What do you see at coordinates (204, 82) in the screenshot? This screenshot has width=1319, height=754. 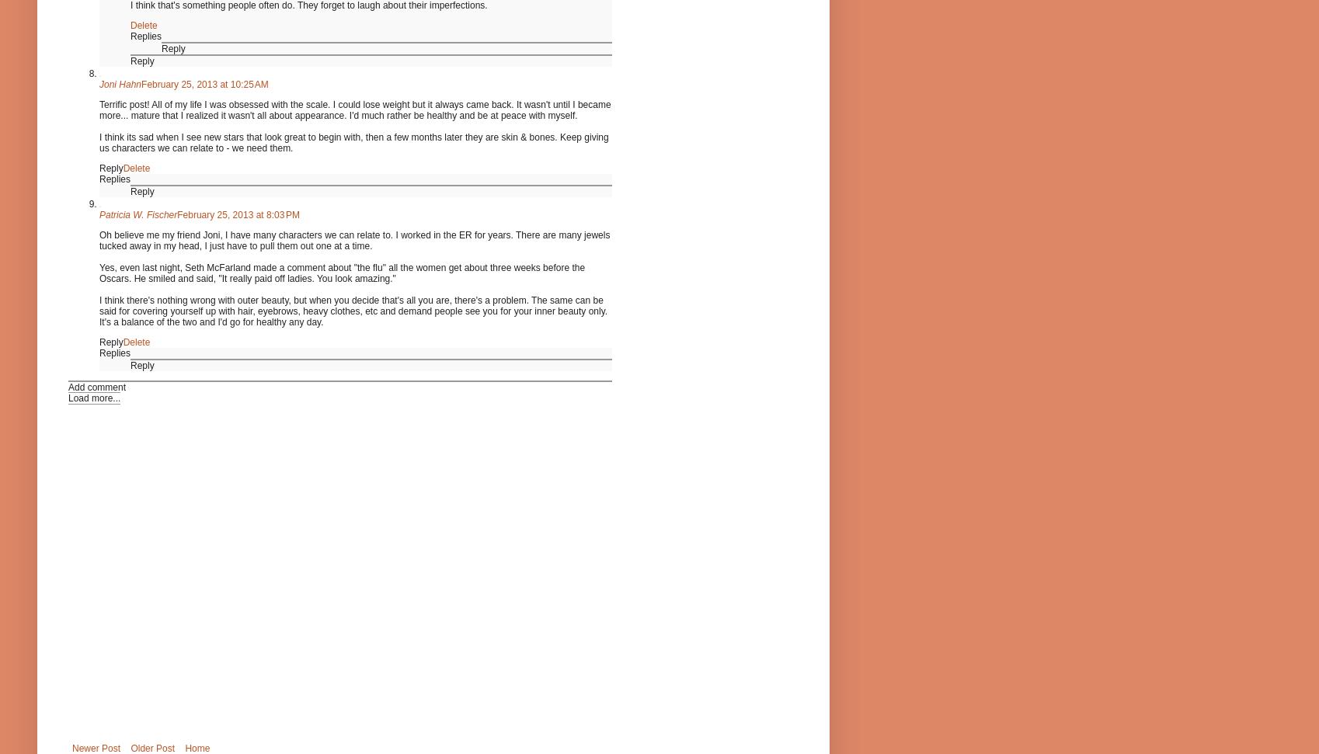 I see `'February 25, 2013 at 10:25 AM'` at bounding box center [204, 82].